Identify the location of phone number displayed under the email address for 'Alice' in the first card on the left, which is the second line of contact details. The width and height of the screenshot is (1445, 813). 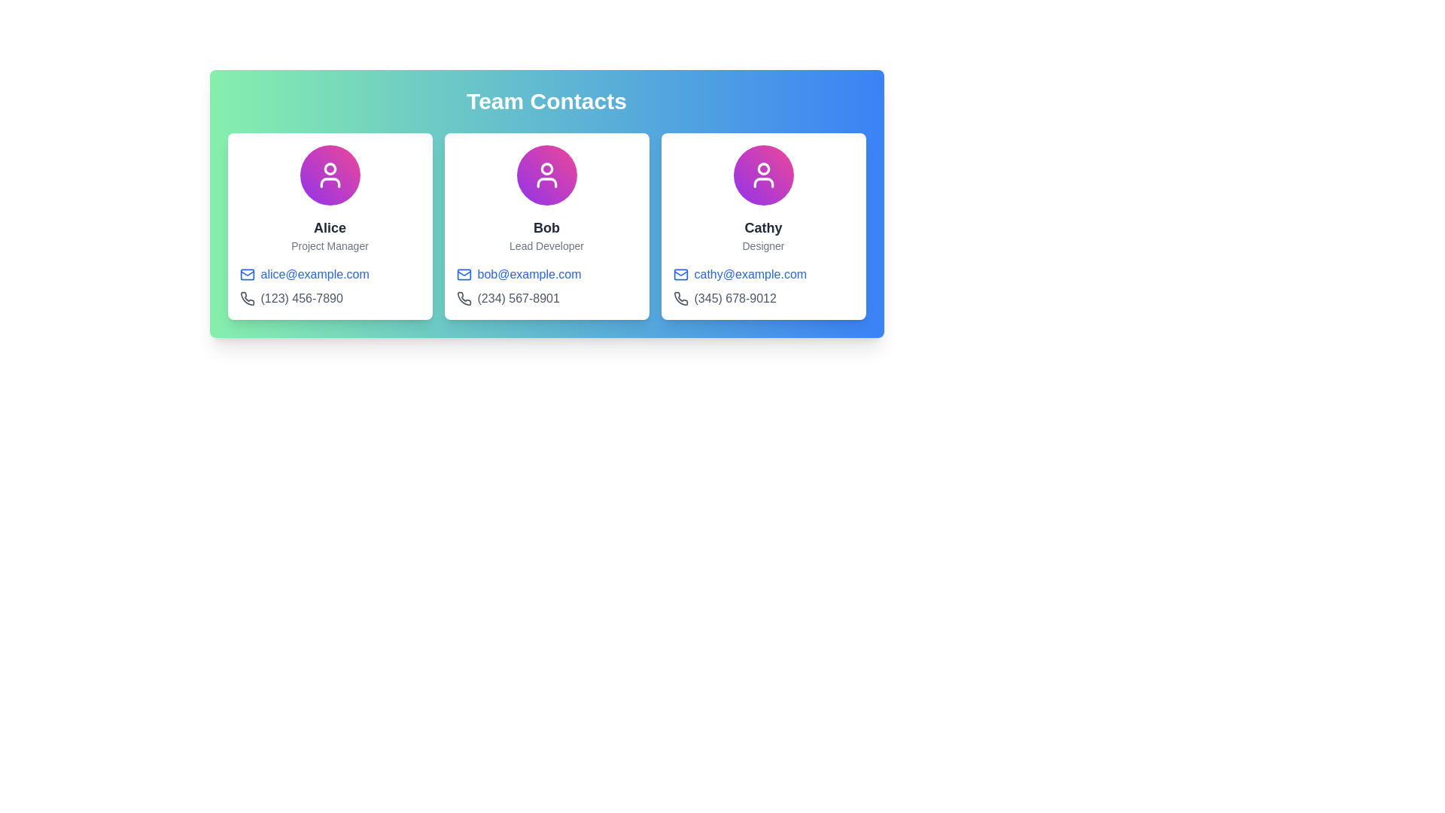
(329, 299).